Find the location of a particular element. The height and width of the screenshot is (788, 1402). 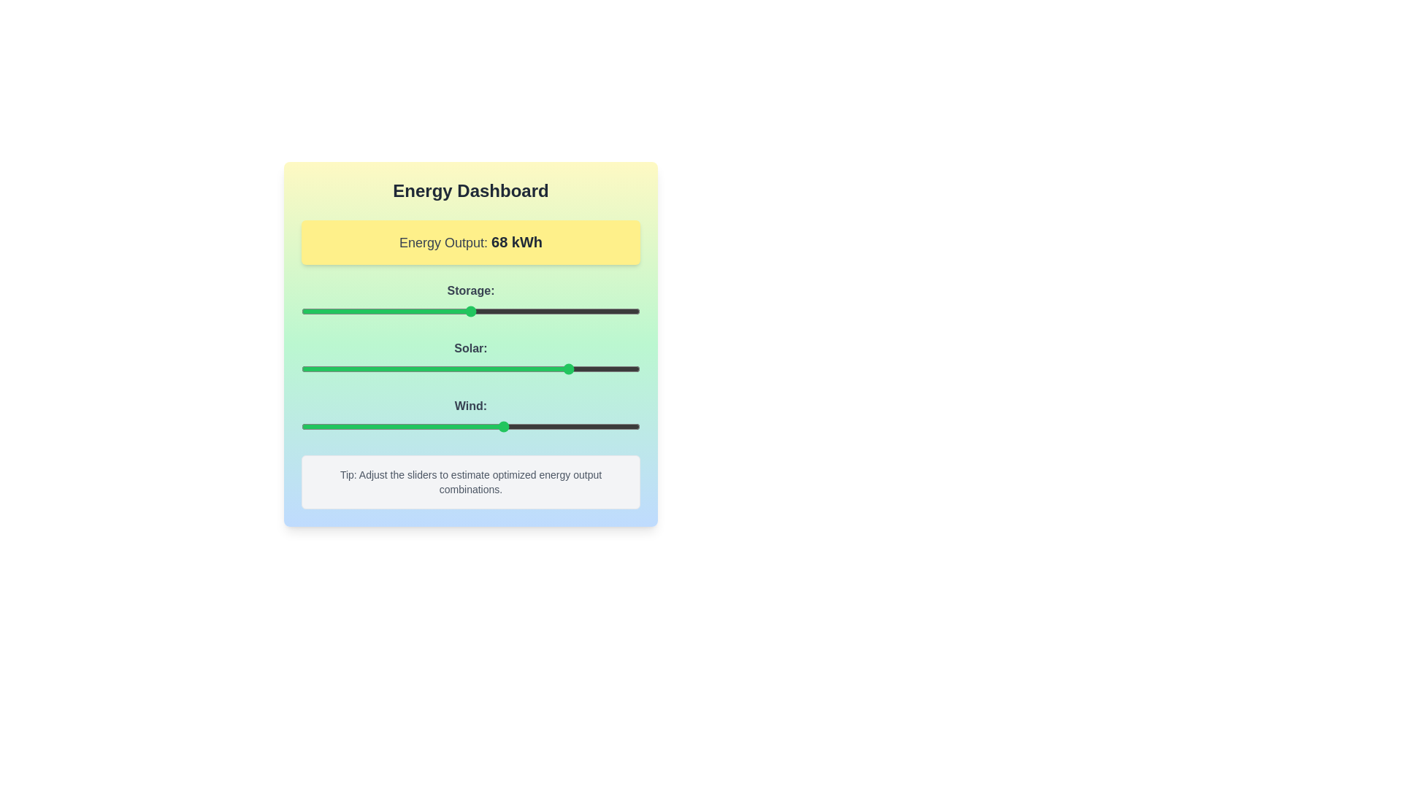

the 'Solar' slider to 81% is located at coordinates (575, 368).